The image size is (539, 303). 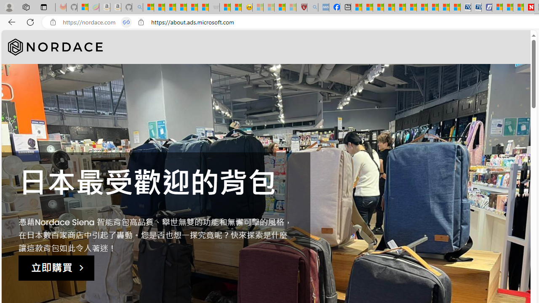 I want to click on 'Microsoft account | Privacy', so click(x=497, y=7).